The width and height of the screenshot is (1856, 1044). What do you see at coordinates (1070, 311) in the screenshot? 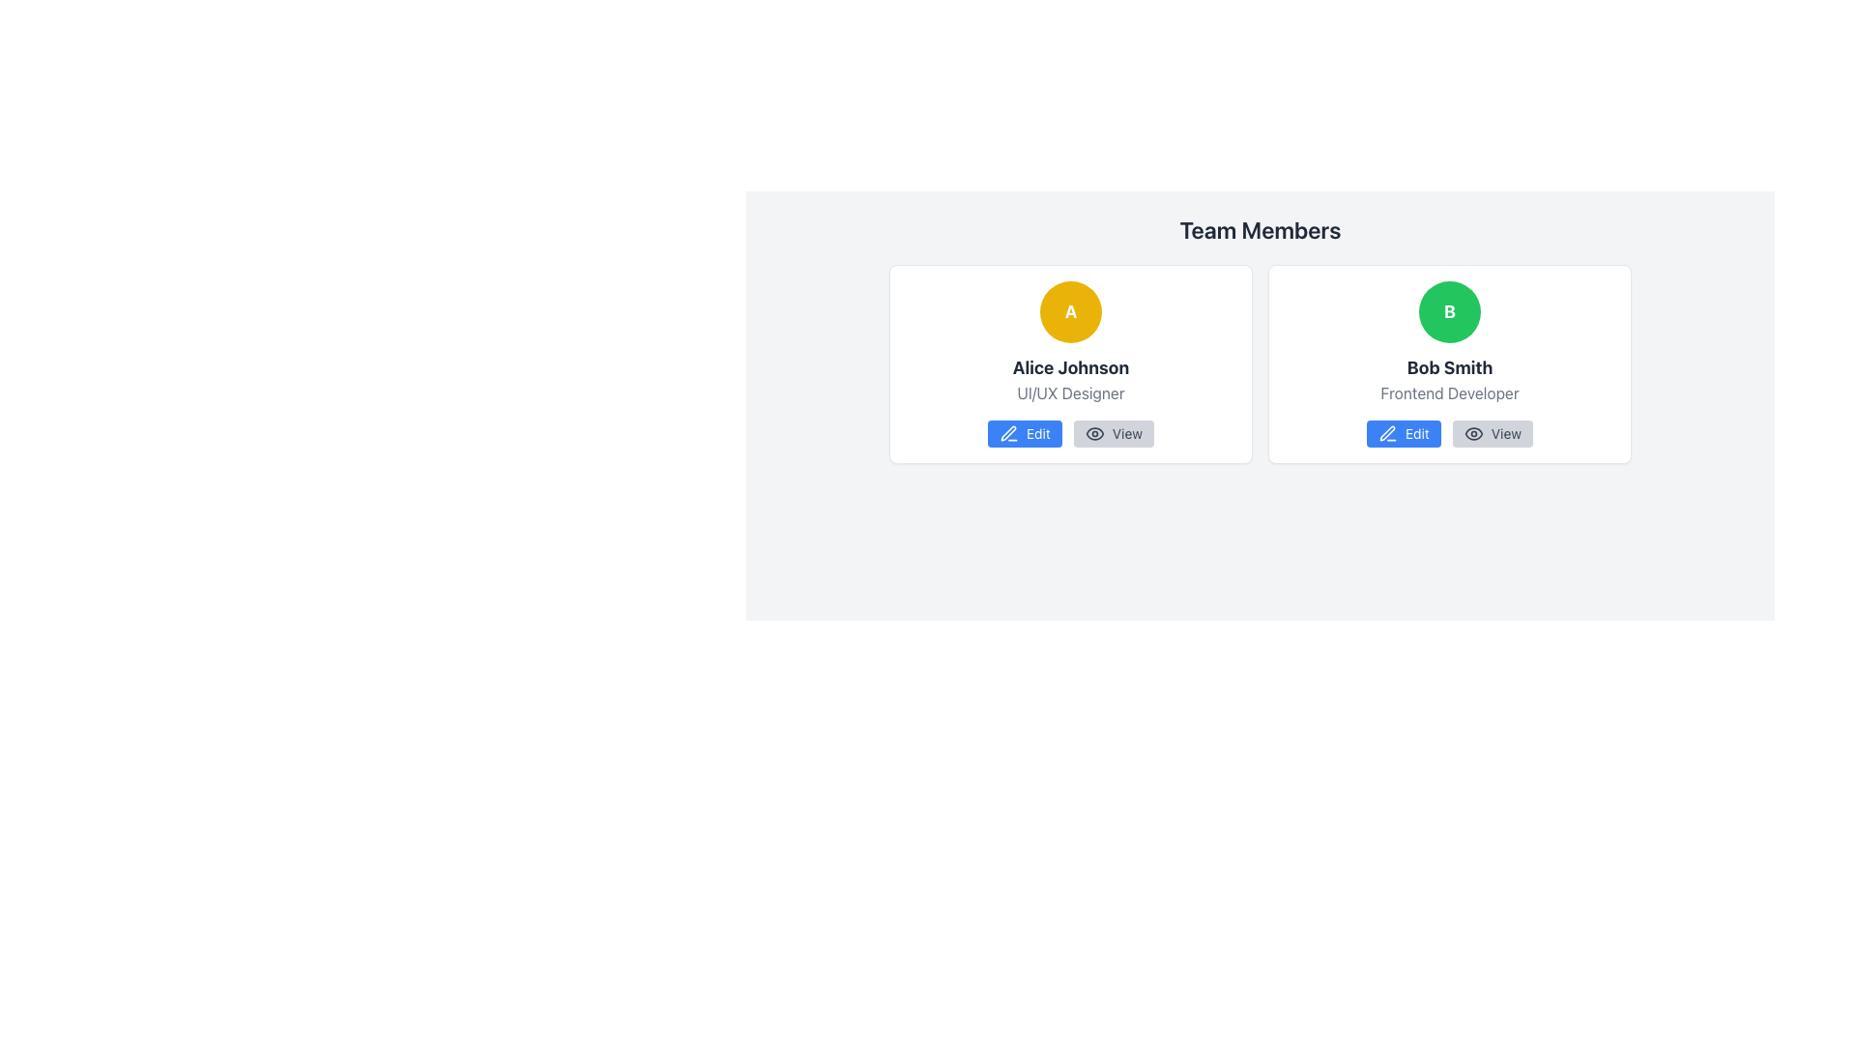
I see `the circular badge with a bright yellow background and a centered white uppercase letter 'A' in bold font located at the upper center of the card labeled 'Alice Johnson'` at bounding box center [1070, 311].